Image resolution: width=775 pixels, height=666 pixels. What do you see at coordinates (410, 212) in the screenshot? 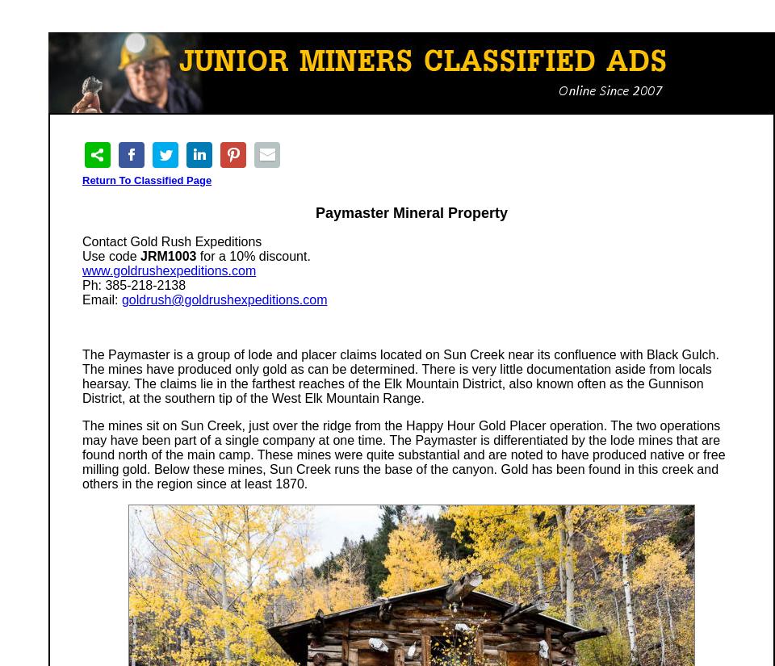
I see `'Paymaster Mineral Property'` at bounding box center [410, 212].